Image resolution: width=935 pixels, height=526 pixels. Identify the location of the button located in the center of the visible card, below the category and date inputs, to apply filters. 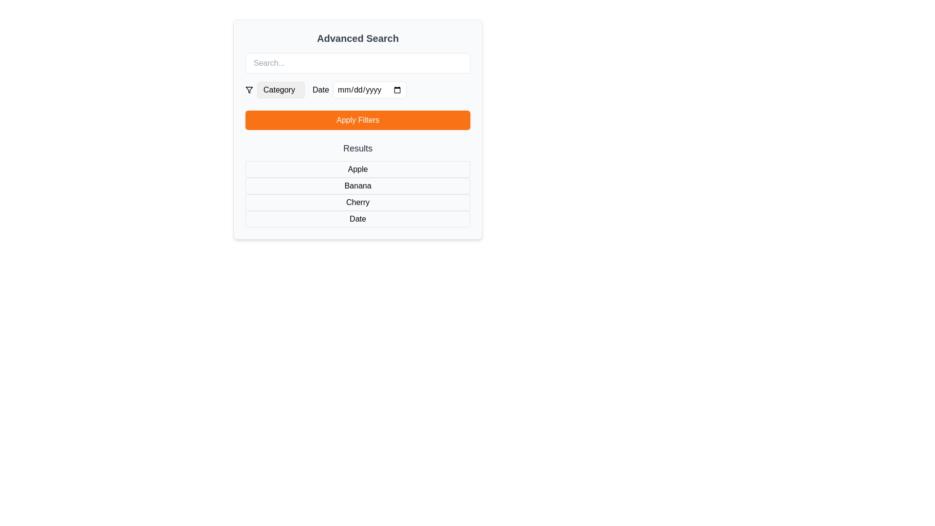
(357, 129).